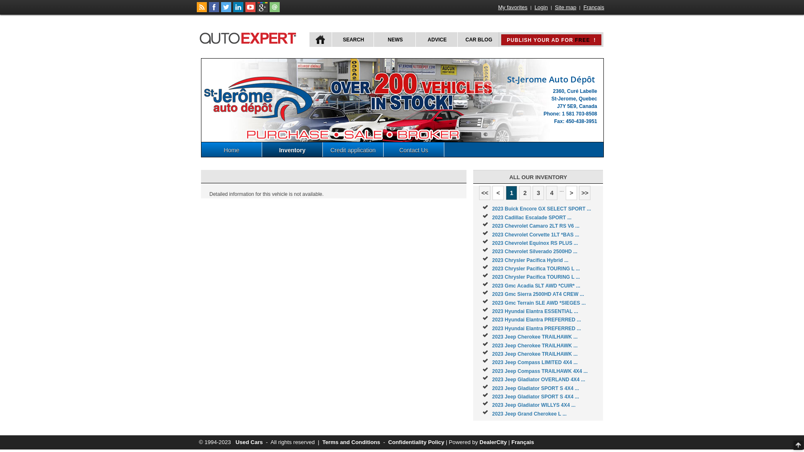 This screenshot has width=804, height=452. I want to click on '2023 Chevrolet Equinox RS PLUS ...', so click(534, 243).